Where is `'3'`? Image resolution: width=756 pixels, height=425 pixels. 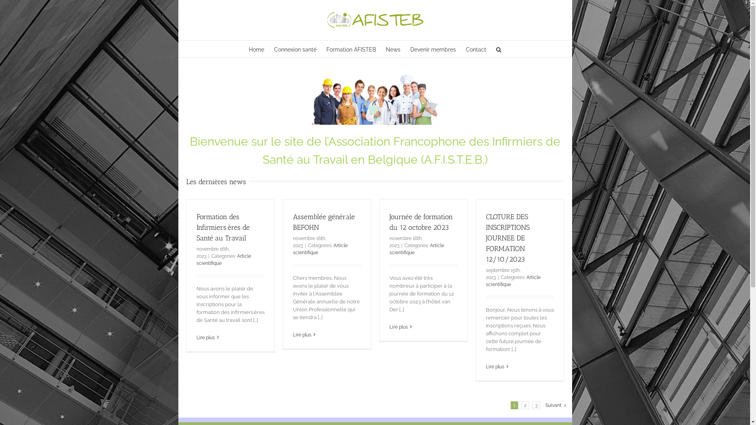
'3' is located at coordinates (536, 405).